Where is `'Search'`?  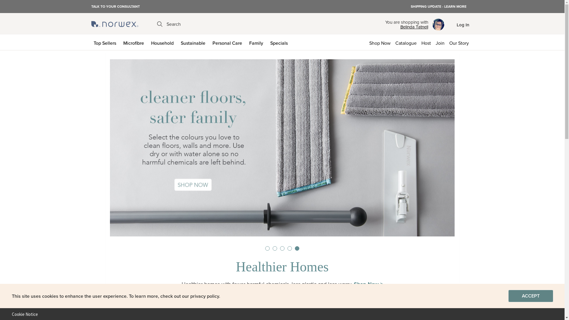
'Search' is located at coordinates (169, 24).